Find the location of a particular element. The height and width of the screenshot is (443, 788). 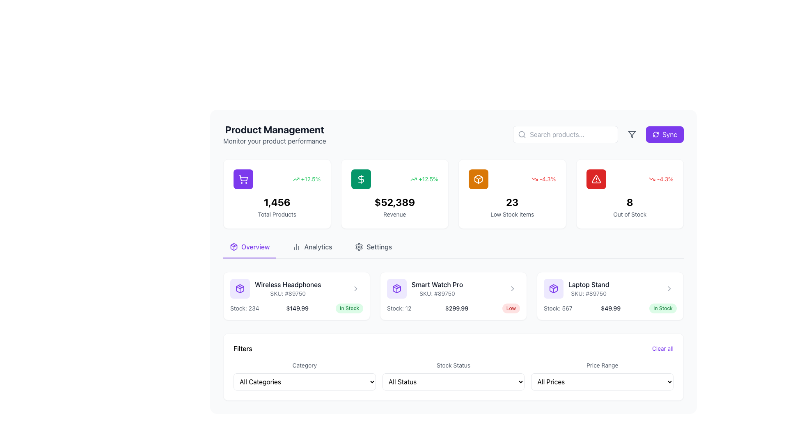

availability status information from the Badge indicating the product's stock status, positioned to the far right after the text 'Stock: 567' and '$49.99' within the card-like layout for 'Laptop Stand' is located at coordinates (663, 308).